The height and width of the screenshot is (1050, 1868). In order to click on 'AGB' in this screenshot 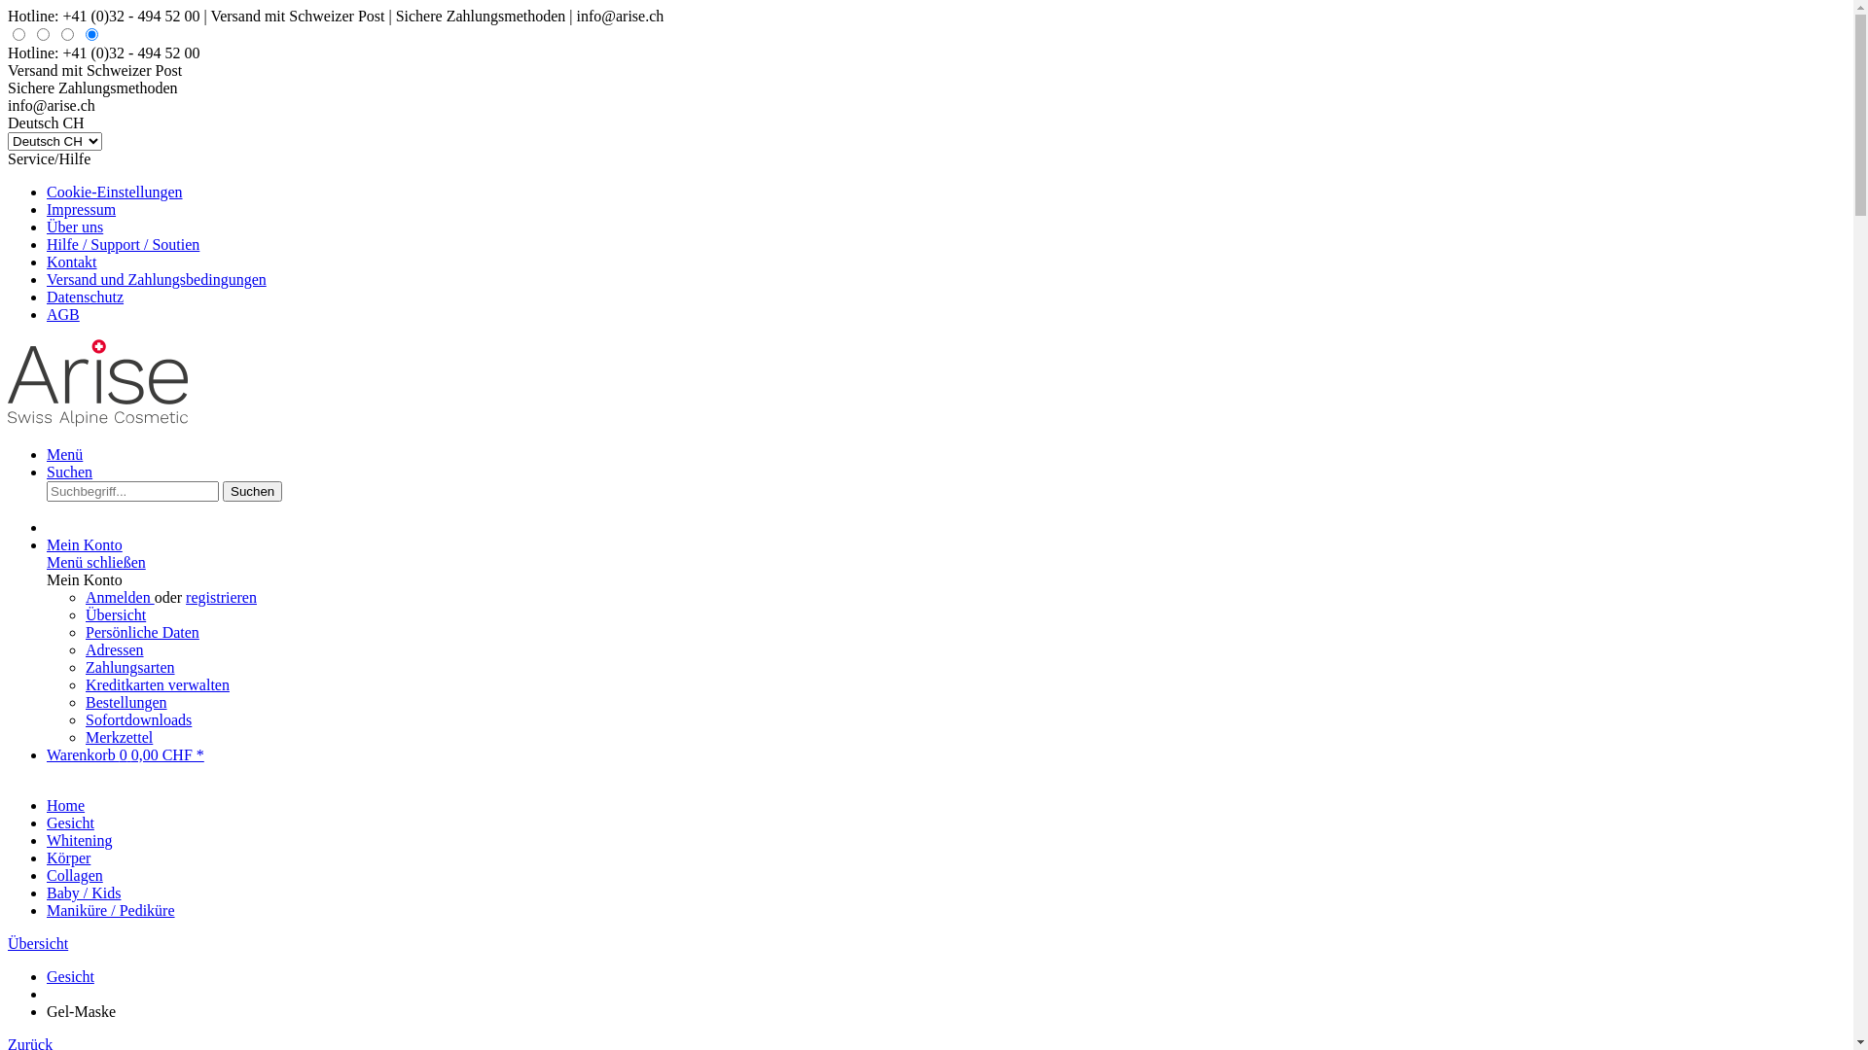, I will do `click(63, 313)`.